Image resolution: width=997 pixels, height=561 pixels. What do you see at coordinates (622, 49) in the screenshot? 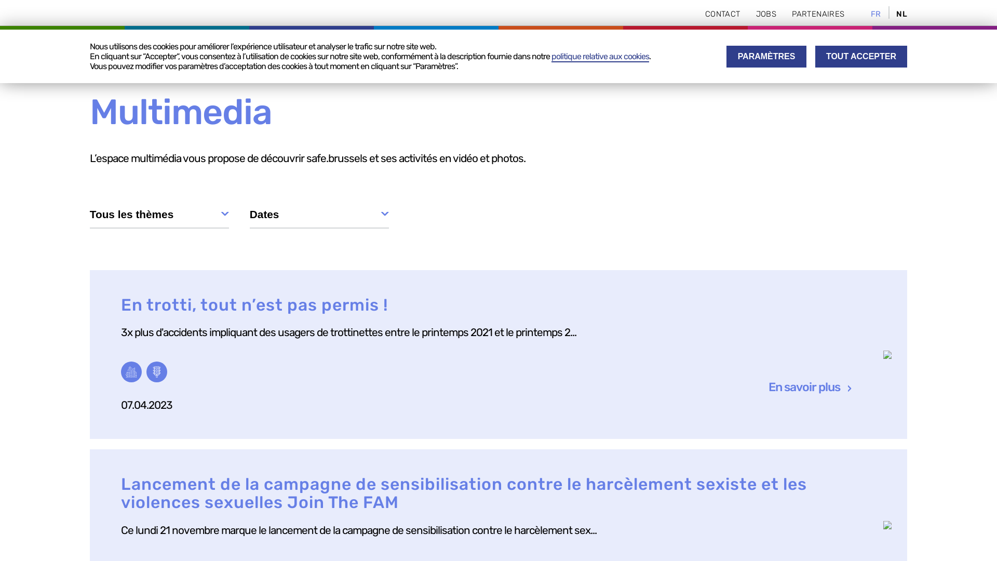
I see `'Publications et Statistiques'` at bounding box center [622, 49].